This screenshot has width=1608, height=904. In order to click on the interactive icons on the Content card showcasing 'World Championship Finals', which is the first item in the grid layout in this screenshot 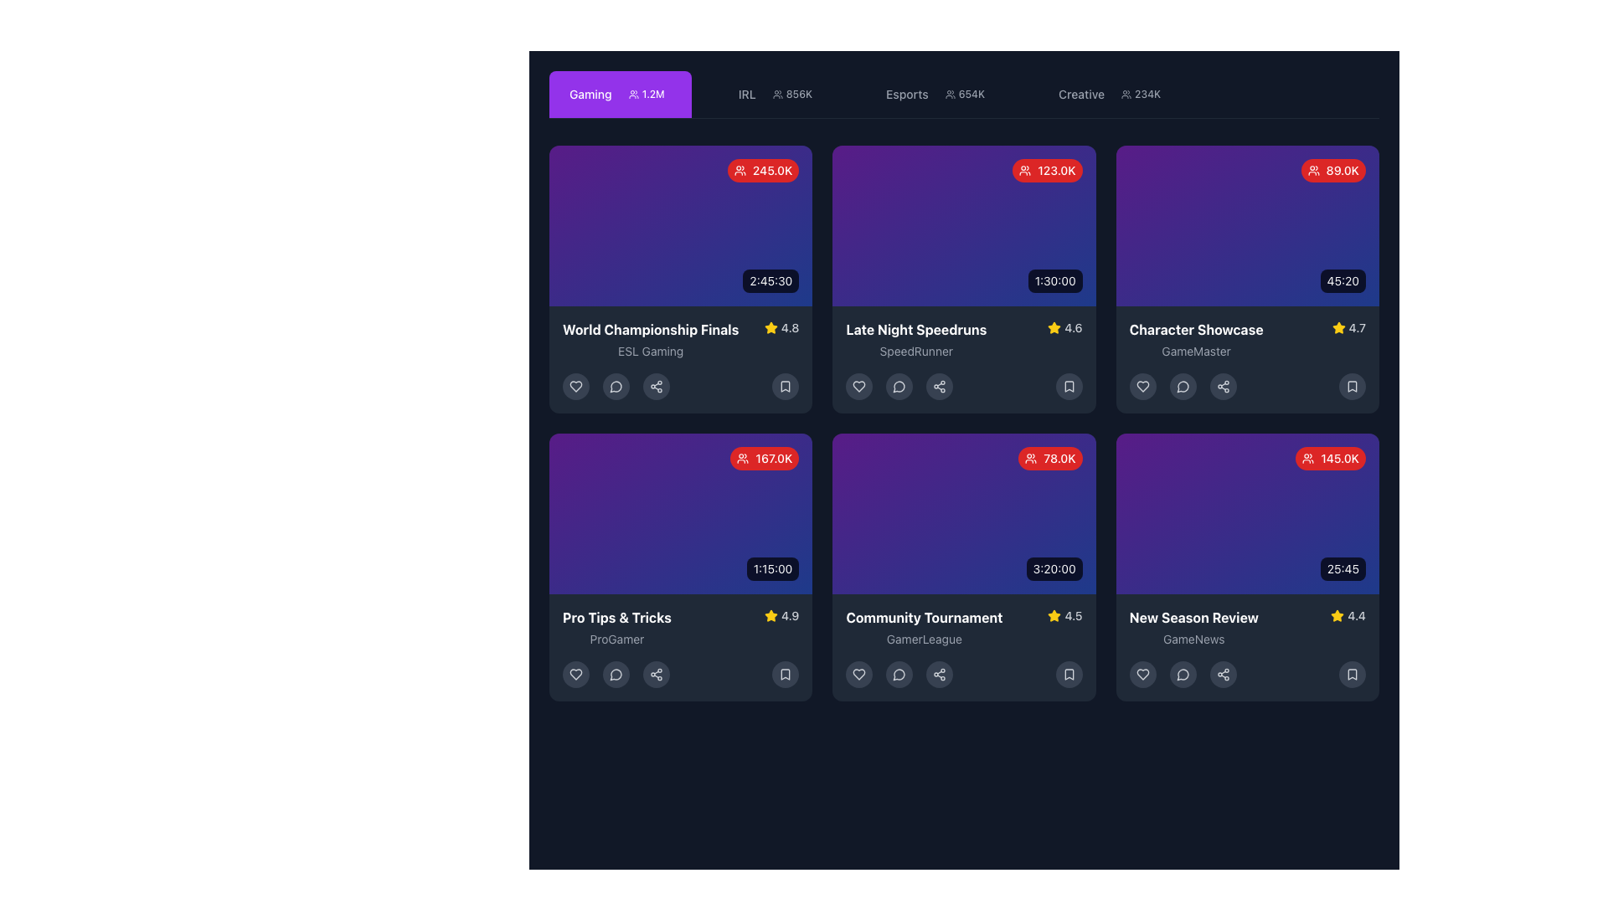, I will do `click(681, 279)`.